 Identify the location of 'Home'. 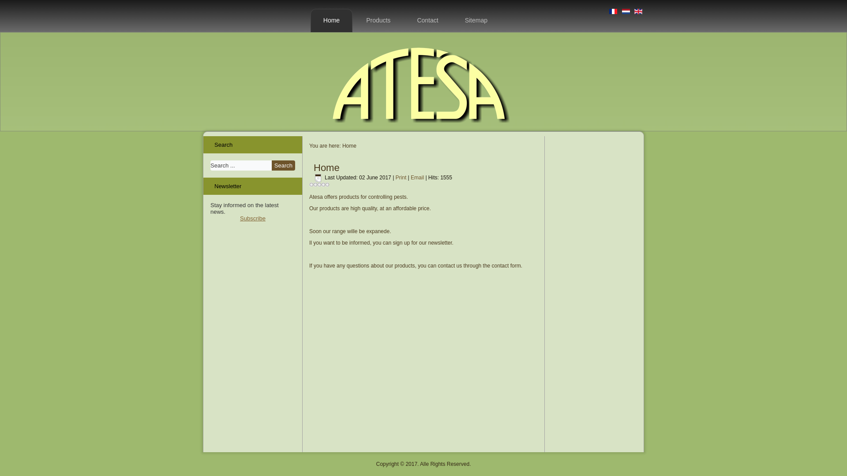
(331, 20).